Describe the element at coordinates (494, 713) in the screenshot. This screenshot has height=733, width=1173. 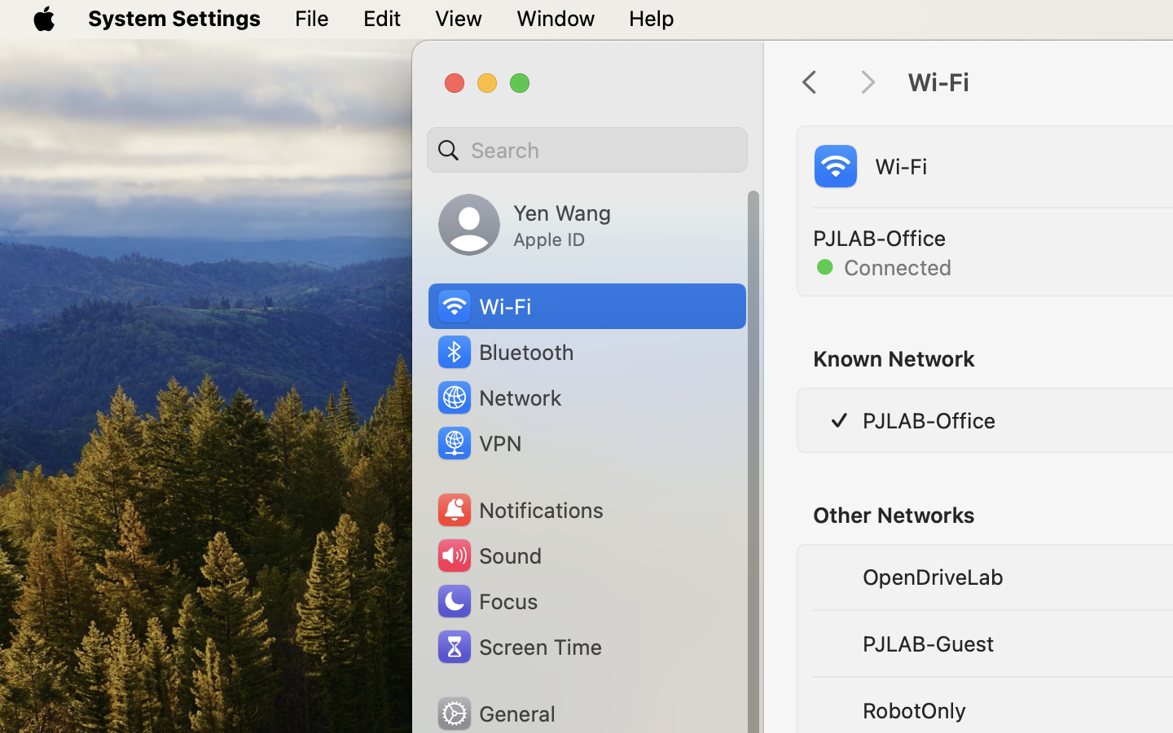
I see `'General'` at that location.